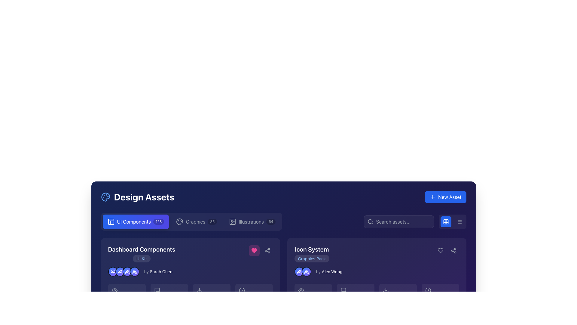 The width and height of the screenshot is (577, 325). I want to click on the second interactive button in the right section of the horizontal group of icons, so click(267, 251).